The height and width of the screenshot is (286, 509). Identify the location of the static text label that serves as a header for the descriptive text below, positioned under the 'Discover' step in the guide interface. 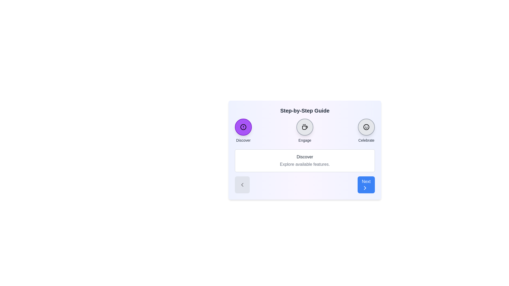
(305, 157).